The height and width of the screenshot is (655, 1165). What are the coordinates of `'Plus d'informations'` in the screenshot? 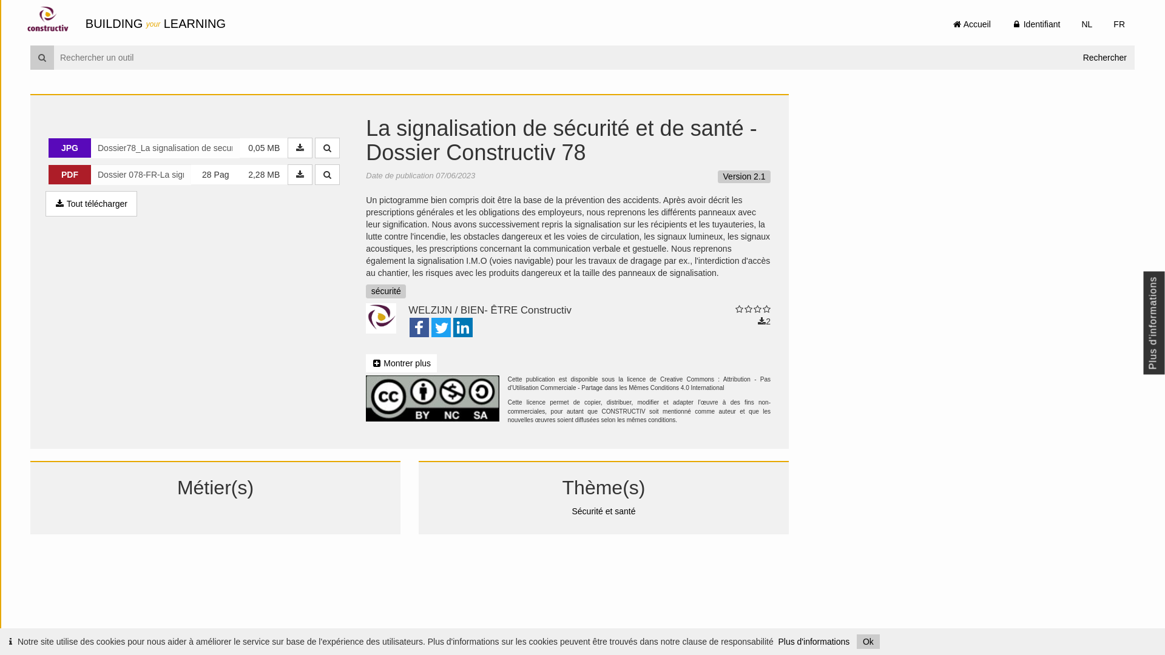 It's located at (813, 640).